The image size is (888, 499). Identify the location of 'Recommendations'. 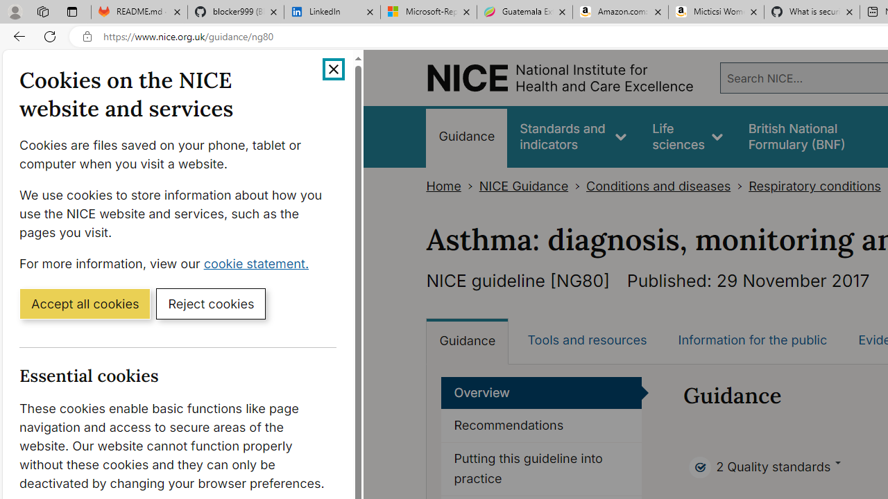
(541, 426).